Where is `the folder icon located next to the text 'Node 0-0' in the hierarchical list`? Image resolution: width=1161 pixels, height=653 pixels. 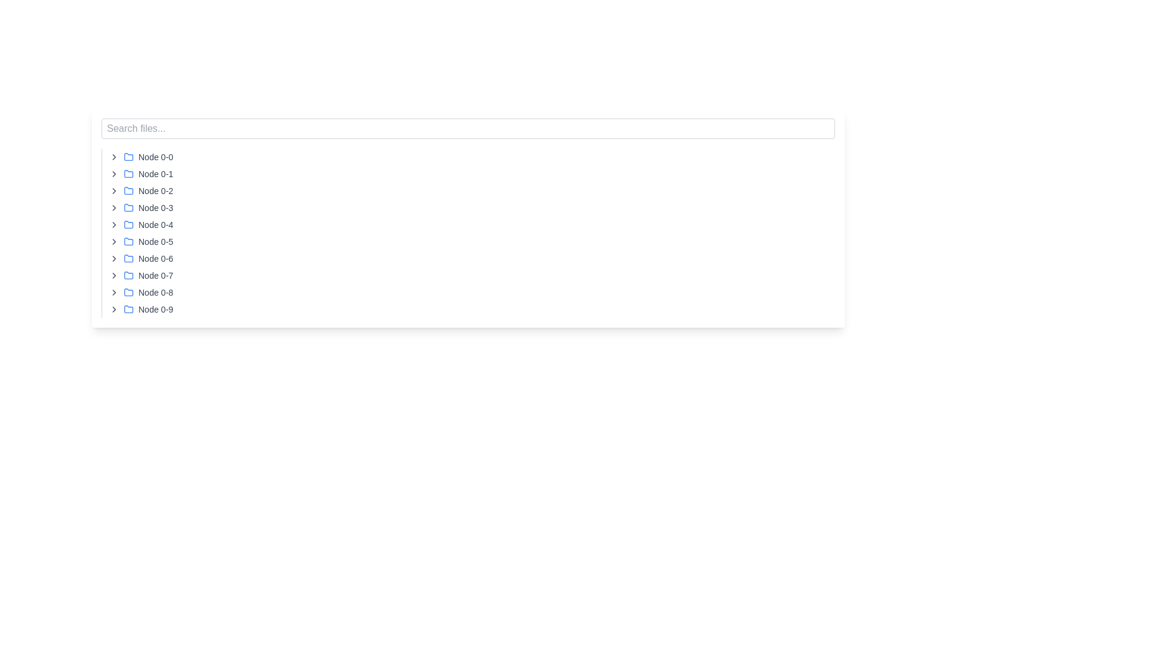 the folder icon located next to the text 'Node 0-0' in the hierarchical list is located at coordinates (128, 155).